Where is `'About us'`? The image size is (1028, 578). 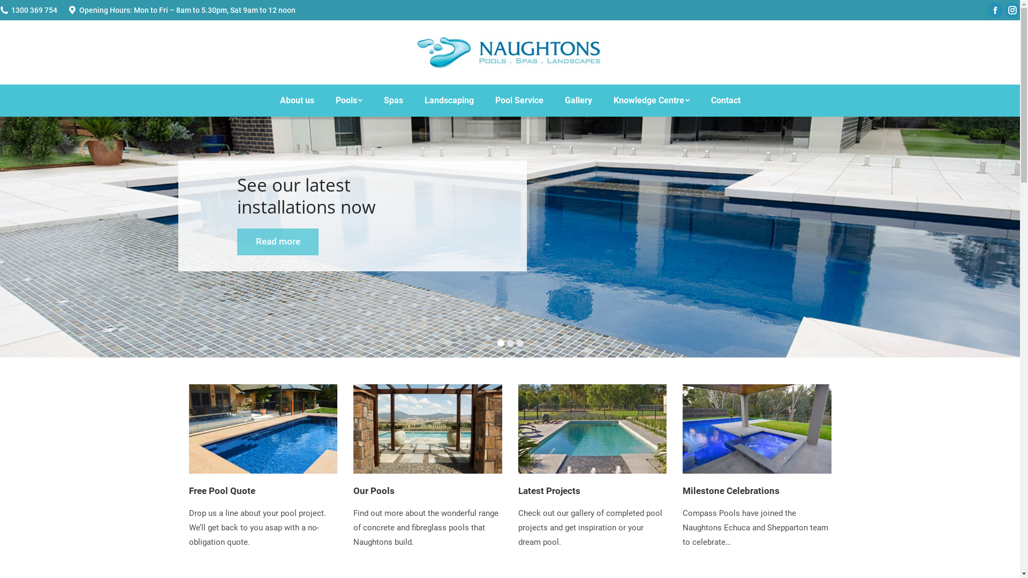 'About us' is located at coordinates (296, 101).